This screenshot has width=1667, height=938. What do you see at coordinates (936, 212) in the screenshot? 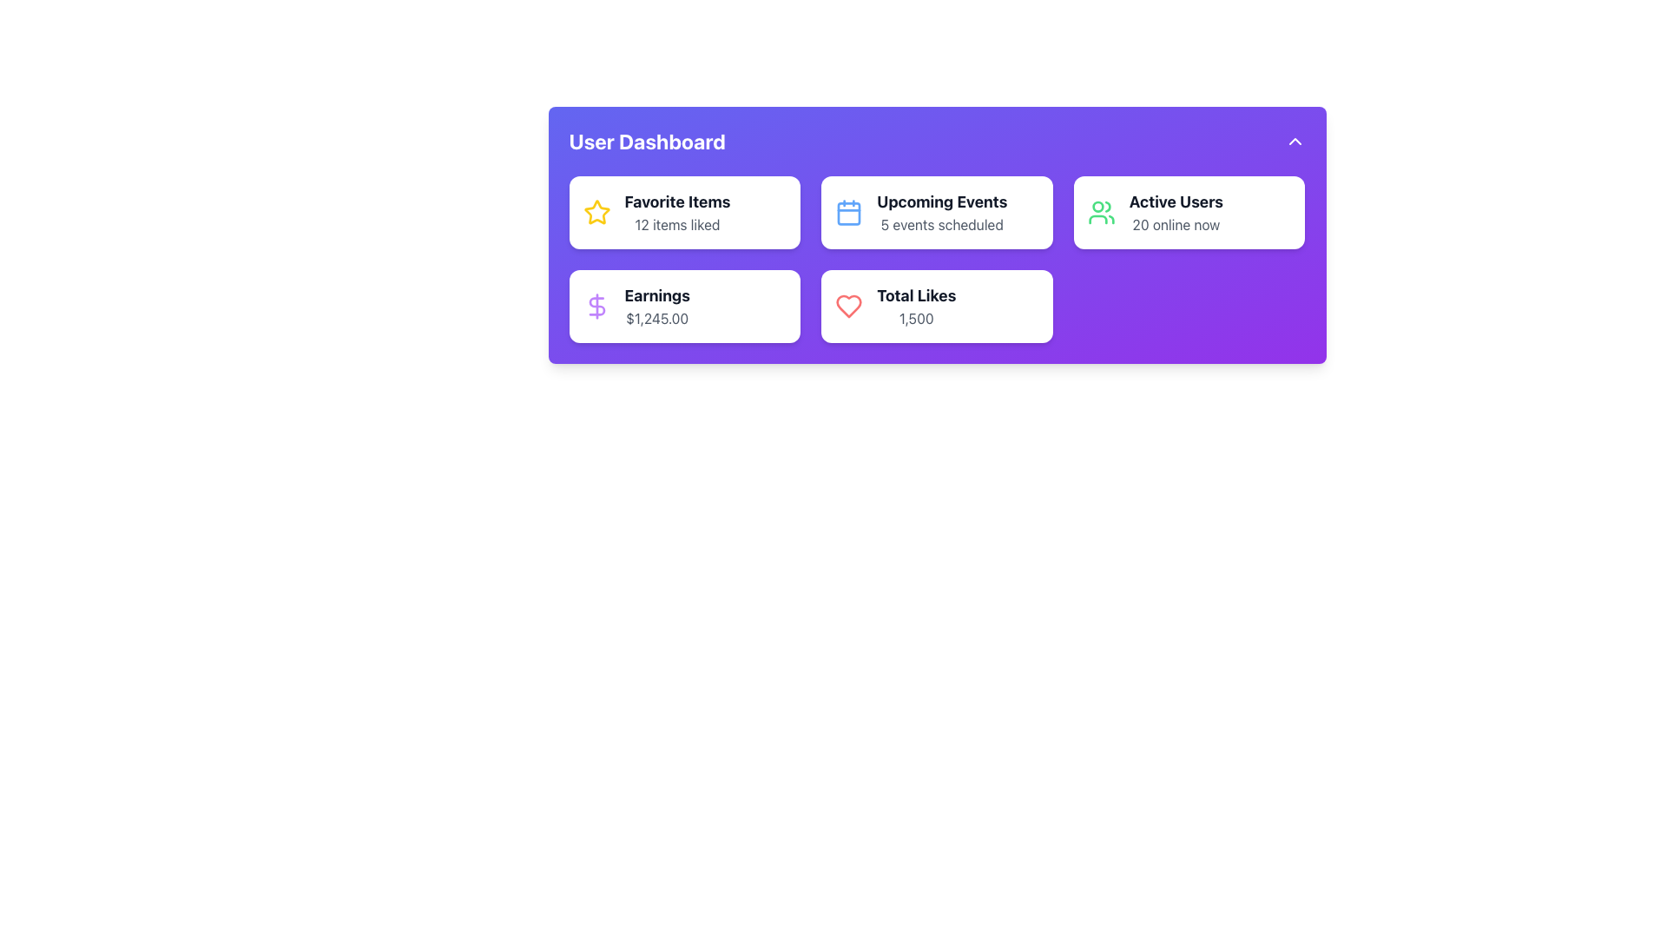
I see `the Information card that displays details about upcoming events, located in the second column of the first row in a 2x3 grid between 'Favorite Items' and 'Active Users'` at bounding box center [936, 212].